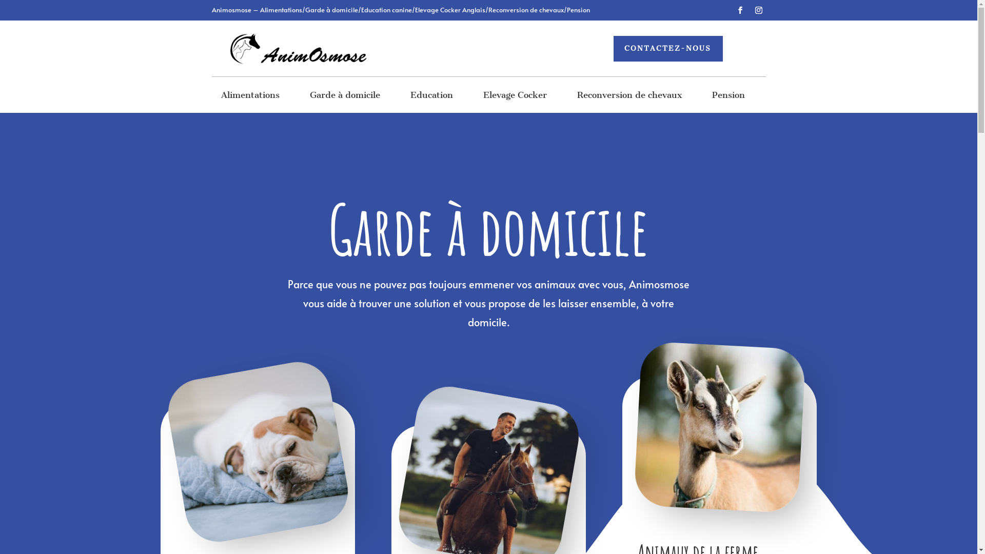 The image size is (985, 554). Describe the element at coordinates (715, 423) in the screenshot. I see `'JL'` at that location.